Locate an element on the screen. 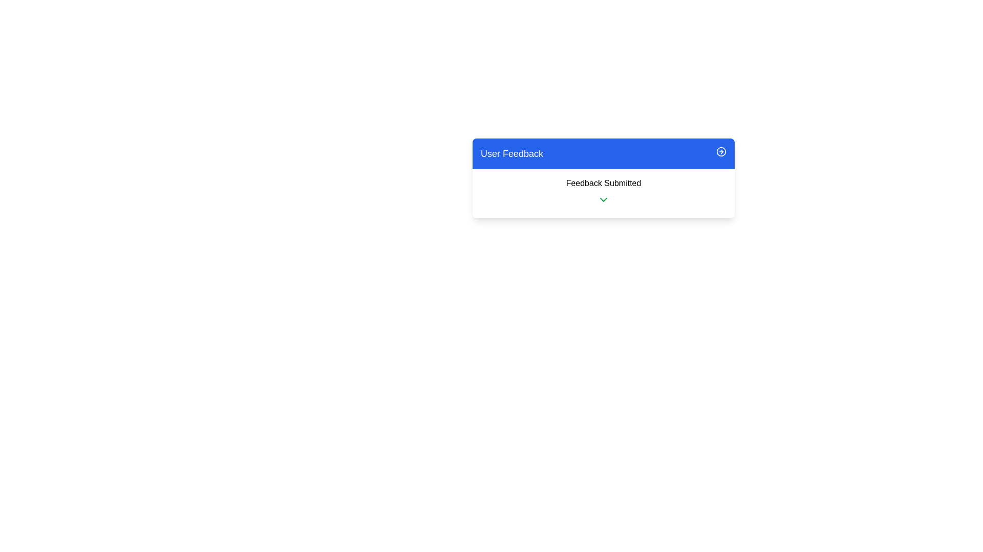  the circular icon button with a rightward arrow located in the upper right corner of the 'User Feedback' blue header is located at coordinates (721, 152).